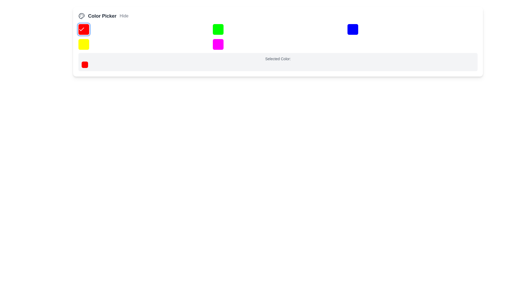 This screenshot has height=289, width=514. Describe the element at coordinates (218, 44) in the screenshot. I see `the selectable button located in the second row, middle column of the grid, positioned below a green square` at that location.